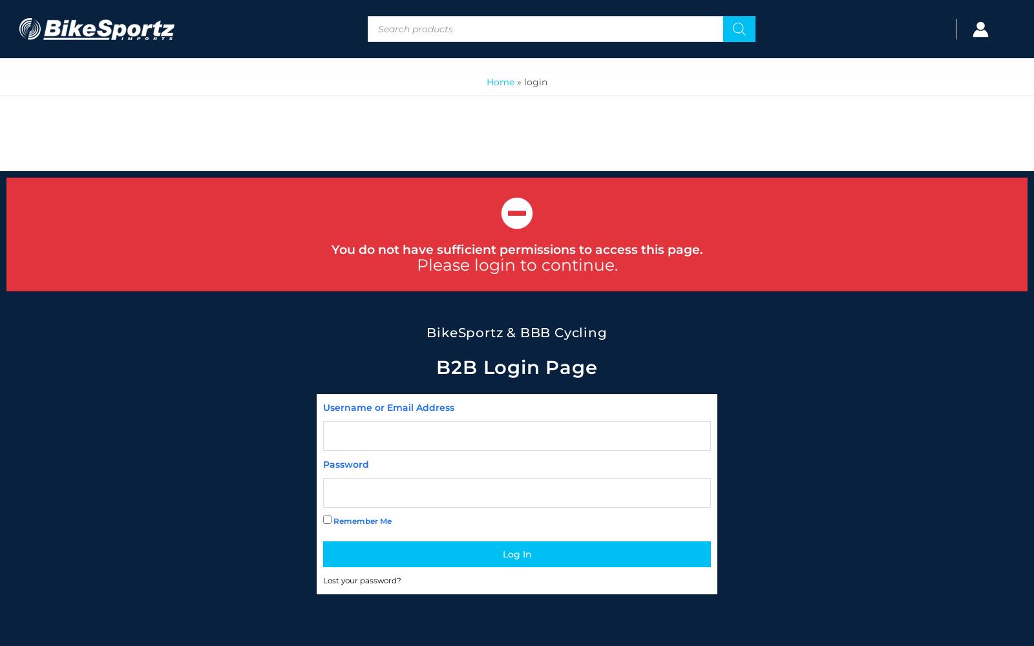  Describe the element at coordinates (516, 366) in the screenshot. I see `'B2B Login Page'` at that location.